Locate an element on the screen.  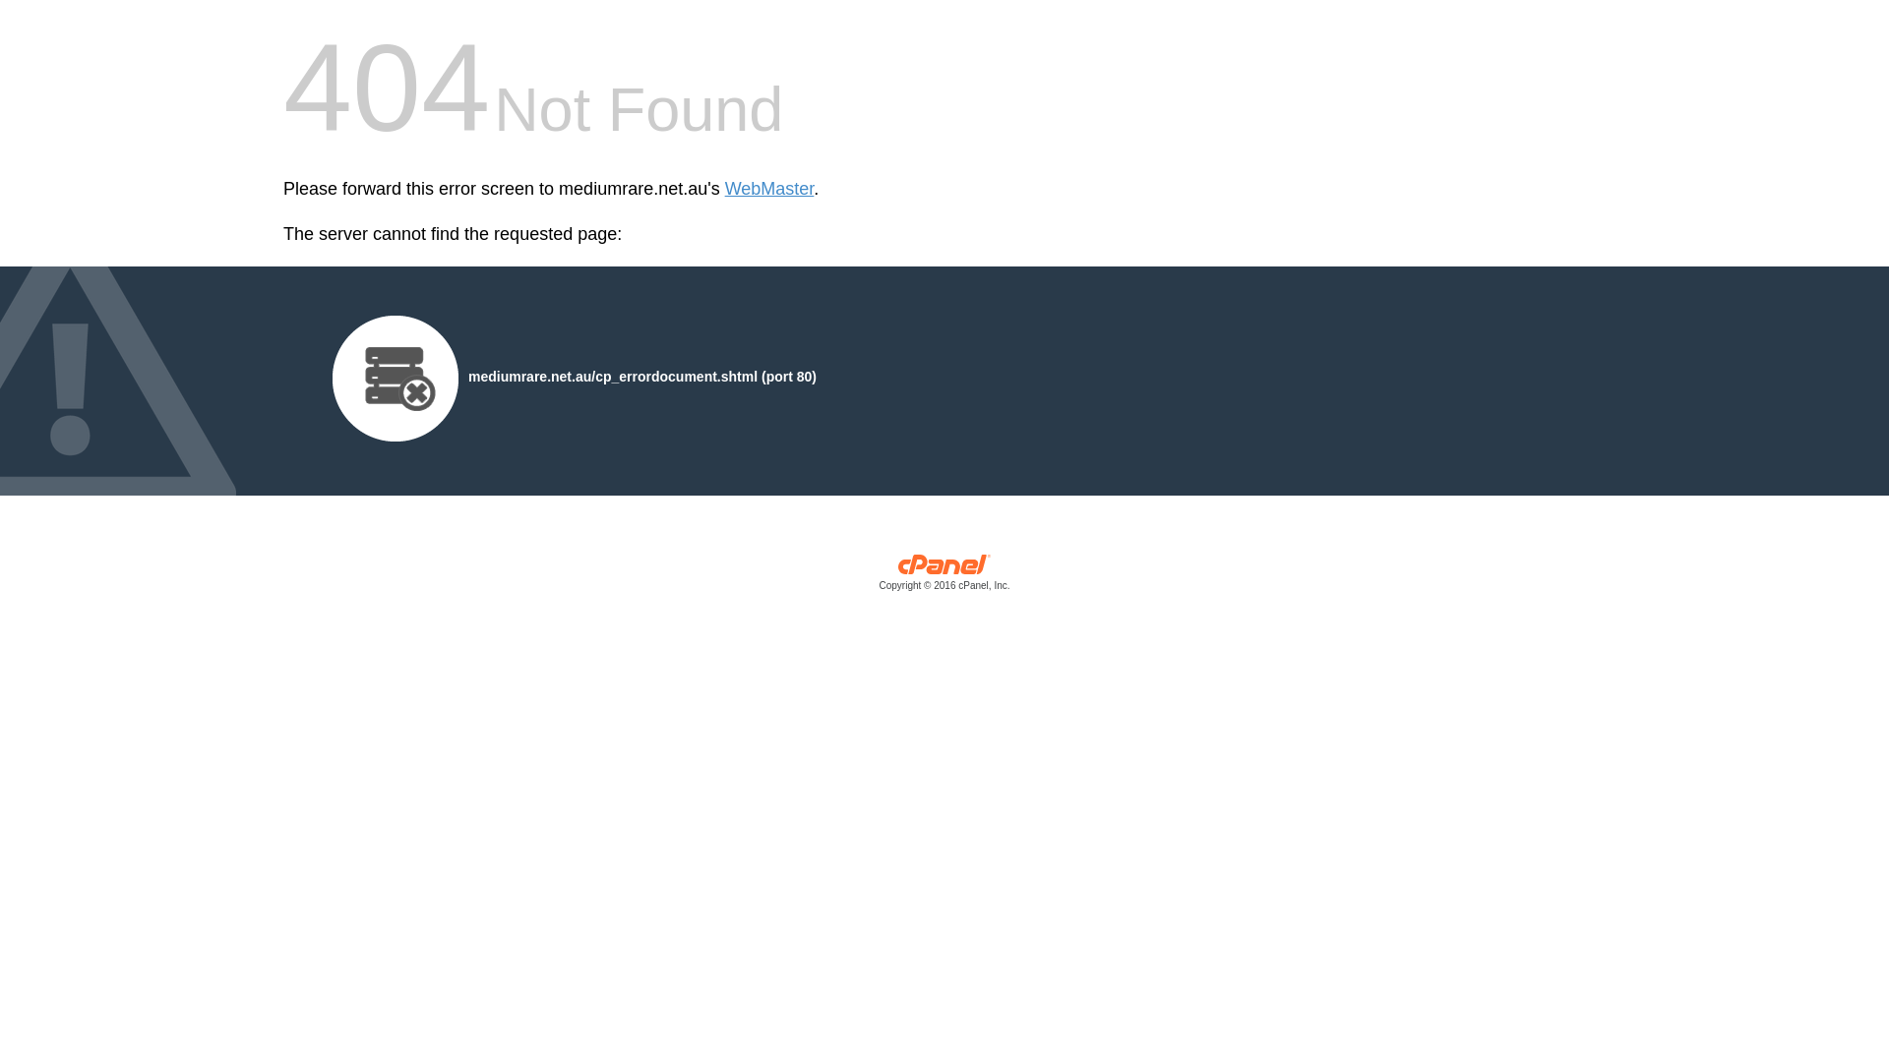
'WebMaster' is located at coordinates (768, 189).